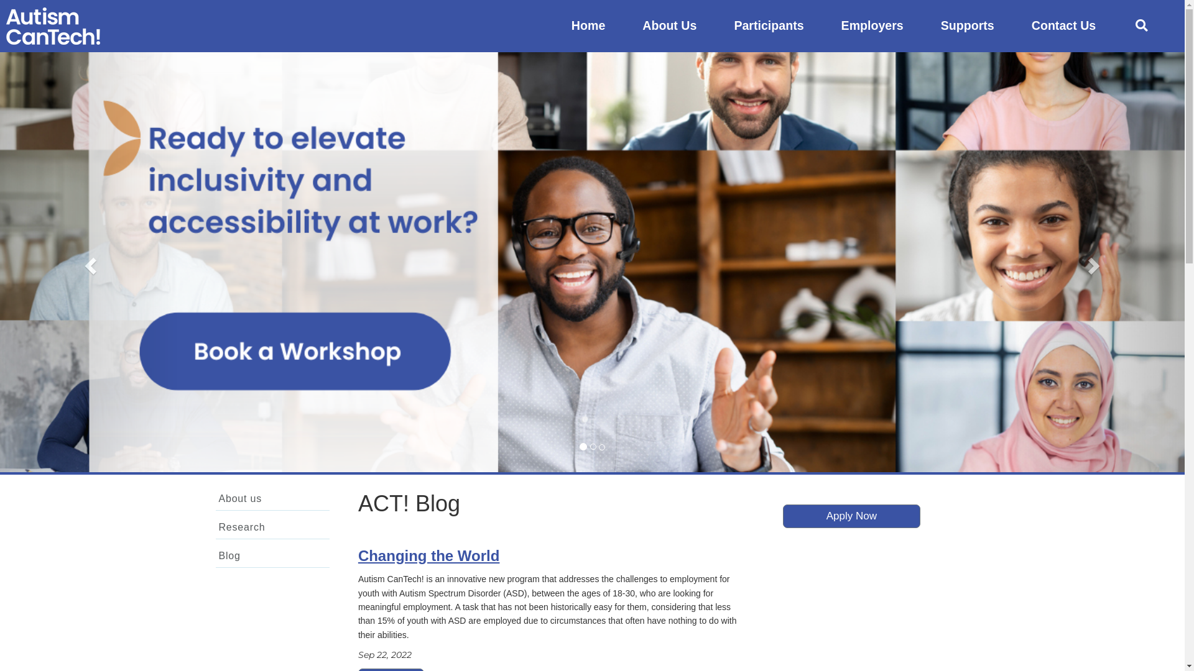 Image resolution: width=1194 pixels, height=671 pixels. What do you see at coordinates (851, 516) in the screenshot?
I see `'Apply Now'` at bounding box center [851, 516].